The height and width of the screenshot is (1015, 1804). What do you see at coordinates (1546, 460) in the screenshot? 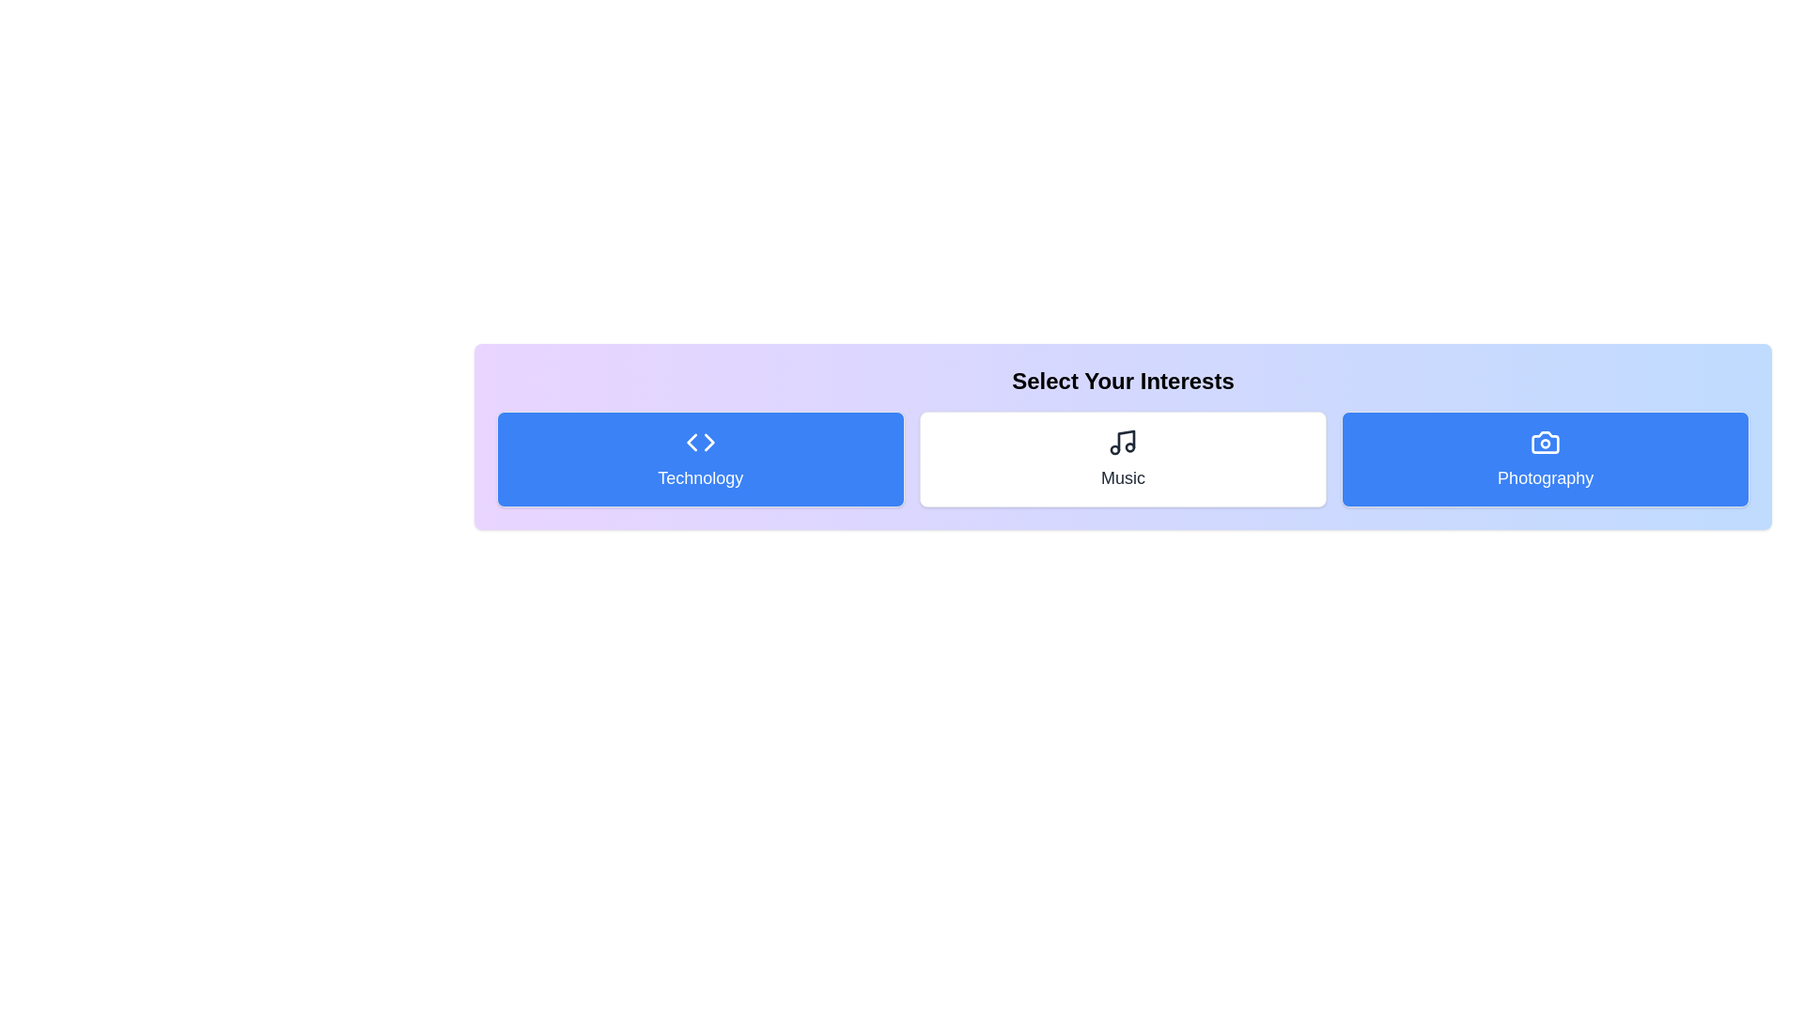
I see `the 'Photography' category to toggle its activation state` at bounding box center [1546, 460].